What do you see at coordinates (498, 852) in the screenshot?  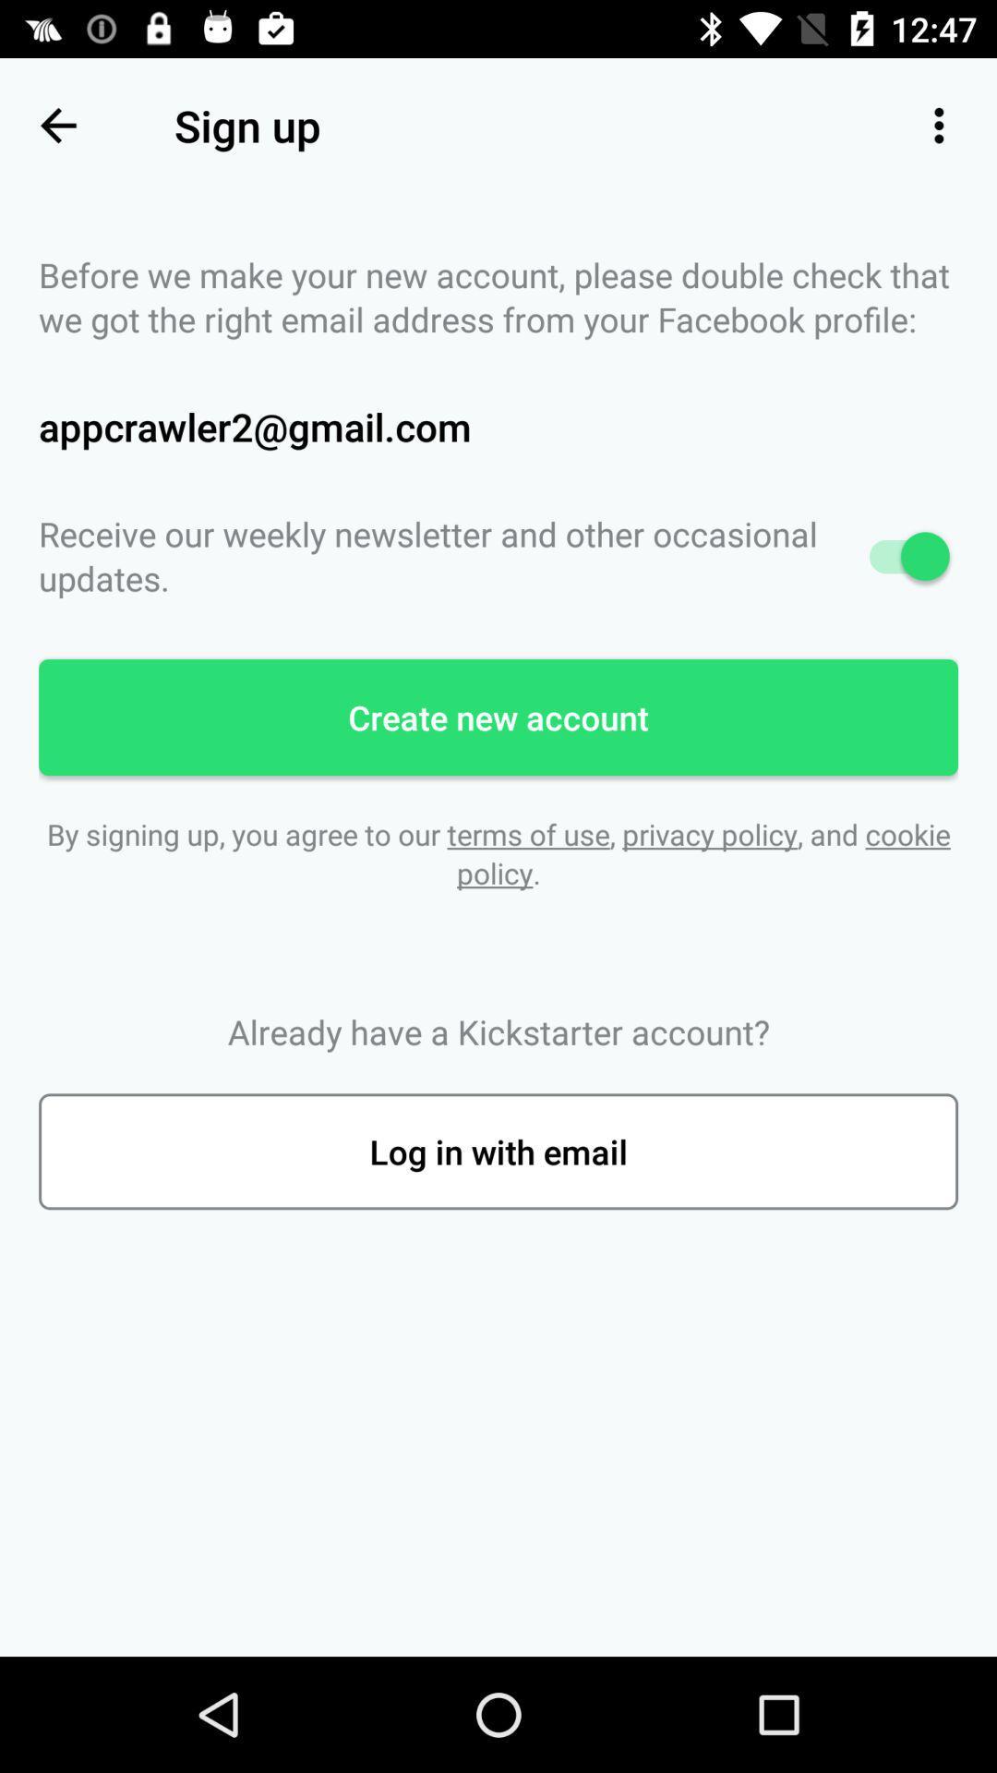 I see `the by signing up item` at bounding box center [498, 852].